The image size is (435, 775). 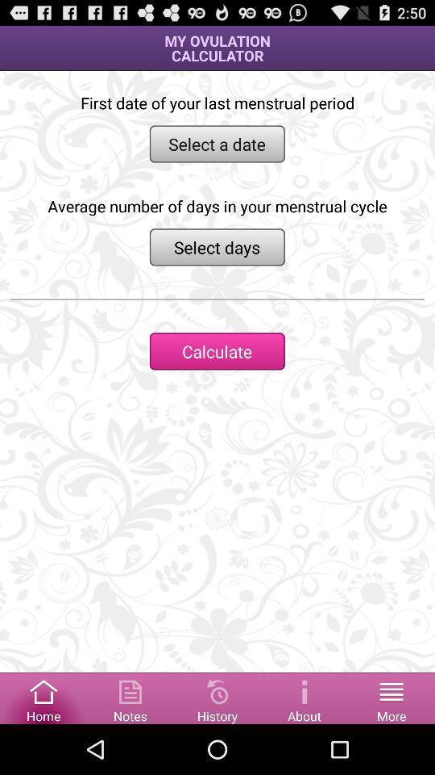 What do you see at coordinates (304, 697) in the screenshot?
I see `about button` at bounding box center [304, 697].